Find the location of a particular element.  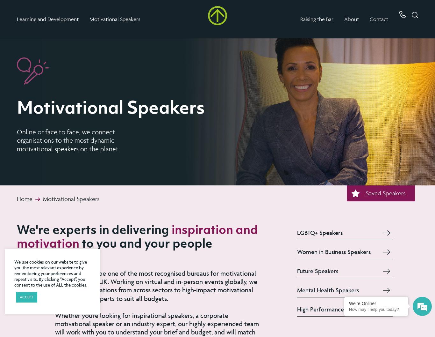

'About' is located at coordinates (351, 19).